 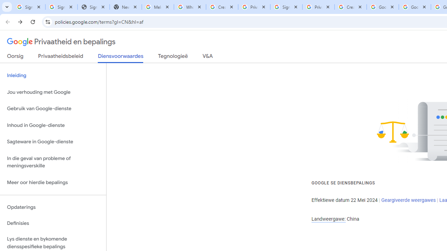 I want to click on 'Opdaterings', so click(x=53, y=207).